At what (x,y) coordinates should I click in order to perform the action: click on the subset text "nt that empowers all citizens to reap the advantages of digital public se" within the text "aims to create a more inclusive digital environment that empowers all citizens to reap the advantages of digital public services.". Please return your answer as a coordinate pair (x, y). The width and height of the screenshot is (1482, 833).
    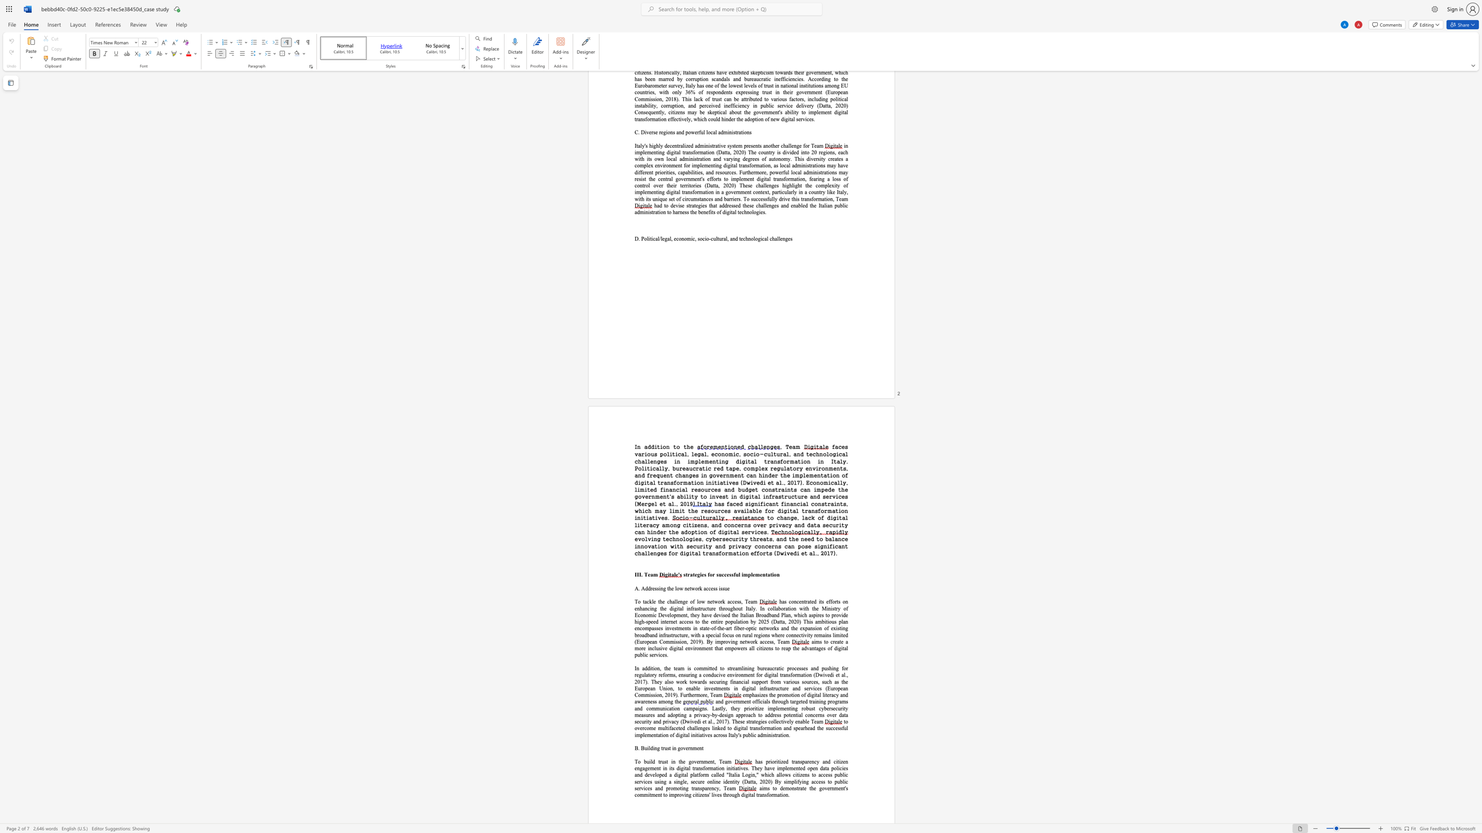
    Looking at the image, I should click on (708, 648).